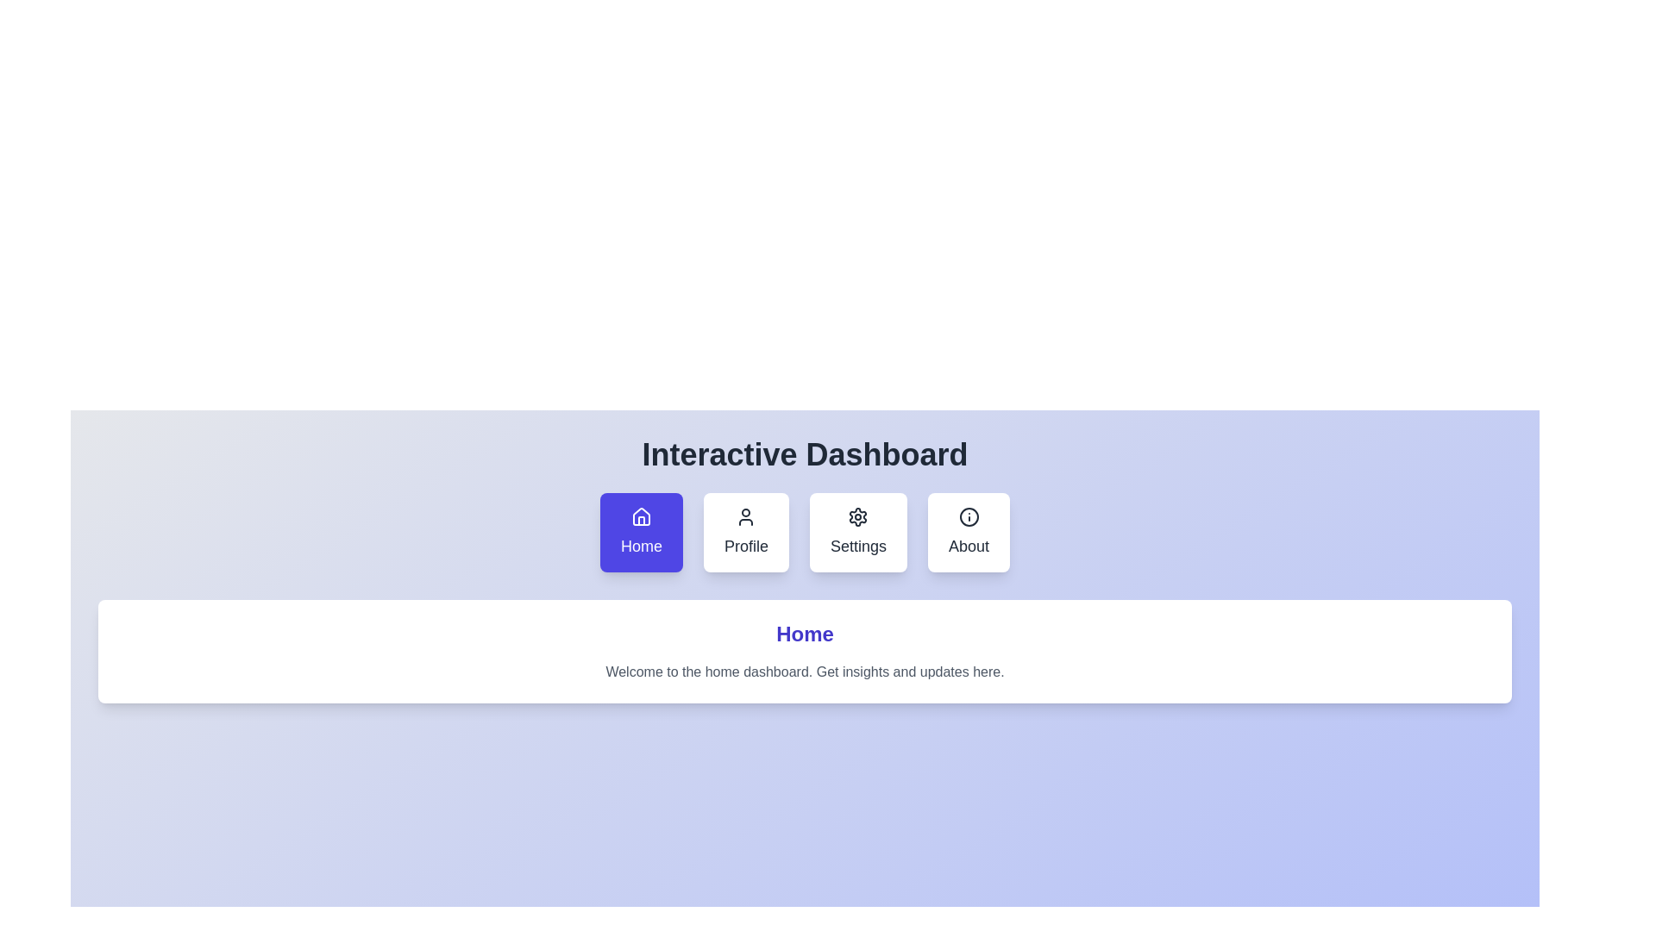  What do you see at coordinates (969, 516) in the screenshot?
I see `the circular information icon located in the 'About' card, which is the fourth card below the 'Interactive Dashboard' heading` at bounding box center [969, 516].